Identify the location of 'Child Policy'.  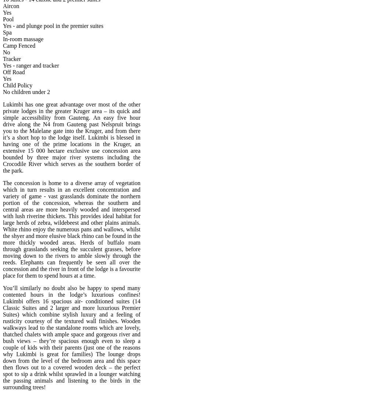
(18, 85).